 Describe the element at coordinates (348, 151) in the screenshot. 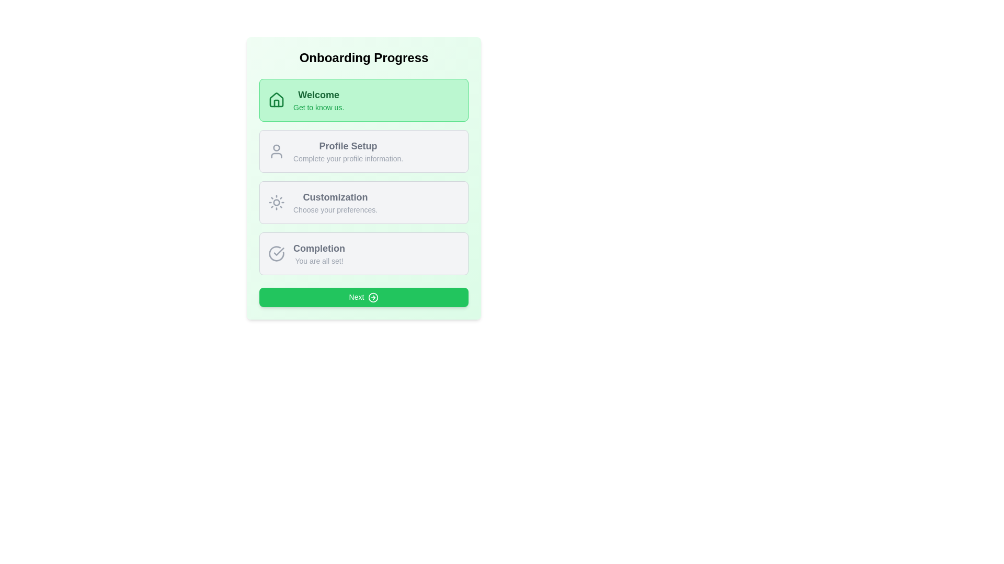

I see `informational display that shows 'Profile Setup' with the subtext 'Complete your profile information.' This element is the second step in the onboarding process, positioned between 'Welcome' and 'Customization.'` at that location.